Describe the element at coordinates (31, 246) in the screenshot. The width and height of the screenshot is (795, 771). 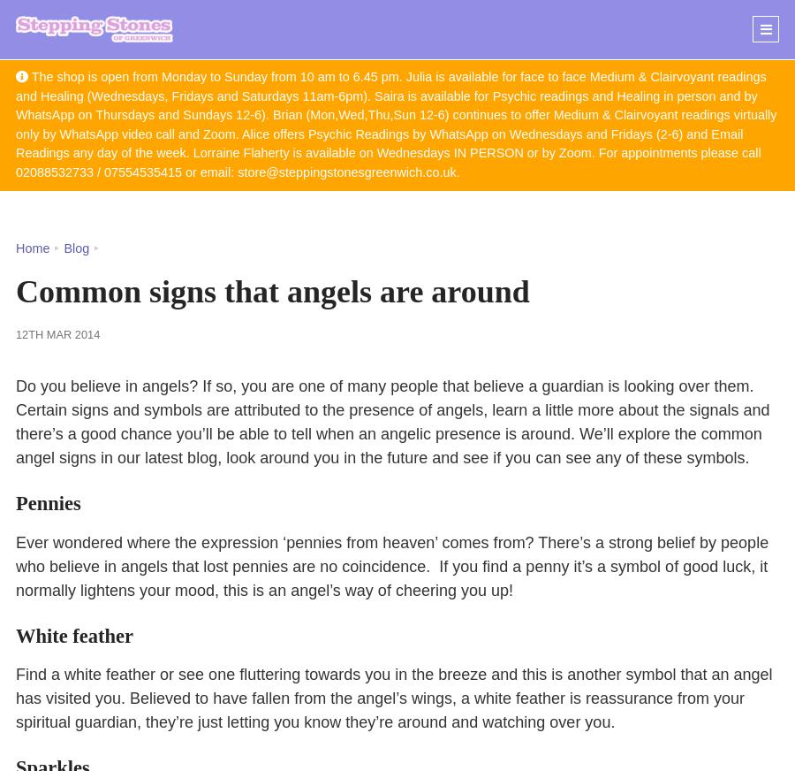
I see `'Home'` at that location.